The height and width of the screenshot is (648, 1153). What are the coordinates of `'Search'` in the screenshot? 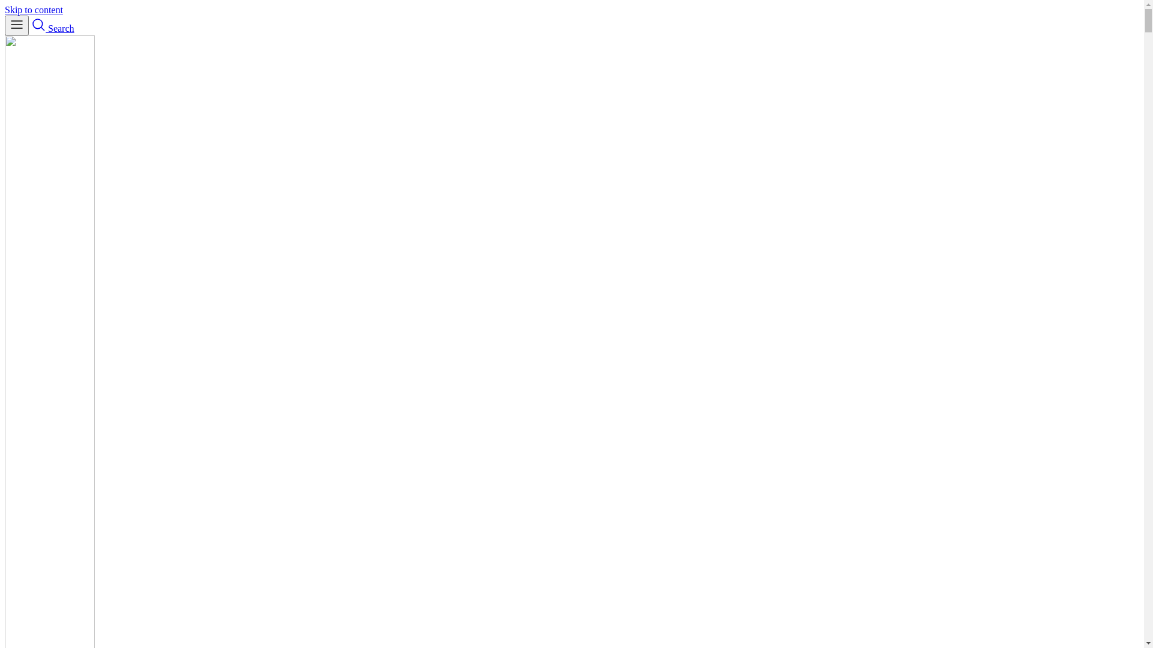 It's located at (31, 28).